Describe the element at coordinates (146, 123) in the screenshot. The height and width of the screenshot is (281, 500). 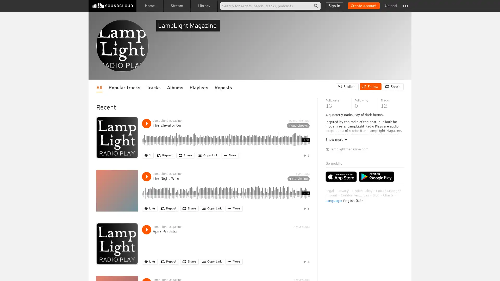
I see `Play` at that location.